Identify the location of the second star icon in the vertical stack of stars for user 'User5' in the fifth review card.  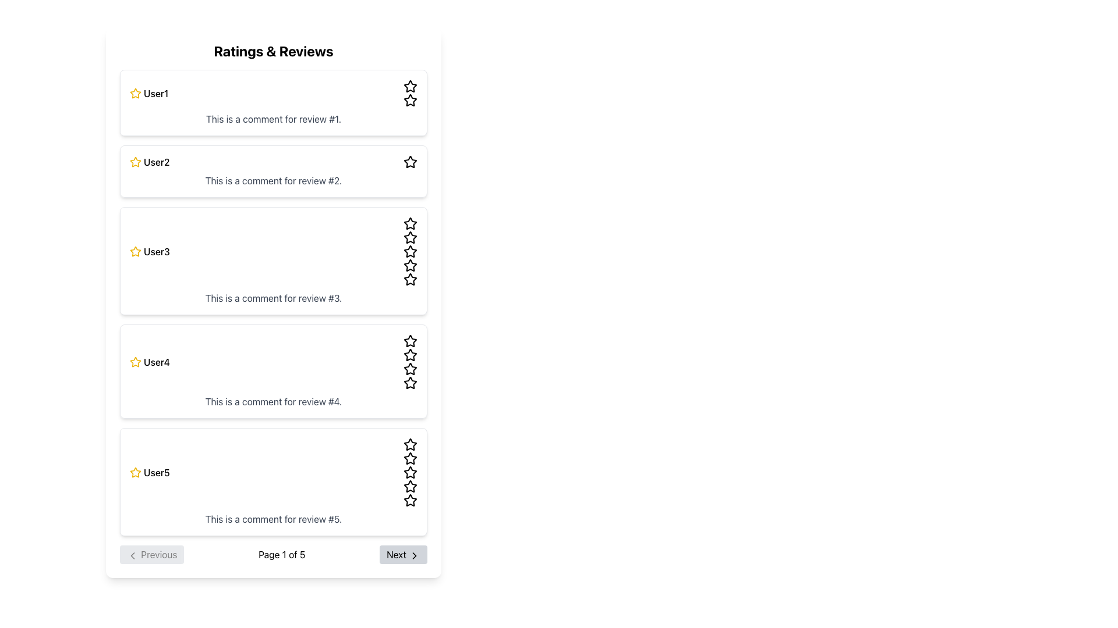
(411, 458).